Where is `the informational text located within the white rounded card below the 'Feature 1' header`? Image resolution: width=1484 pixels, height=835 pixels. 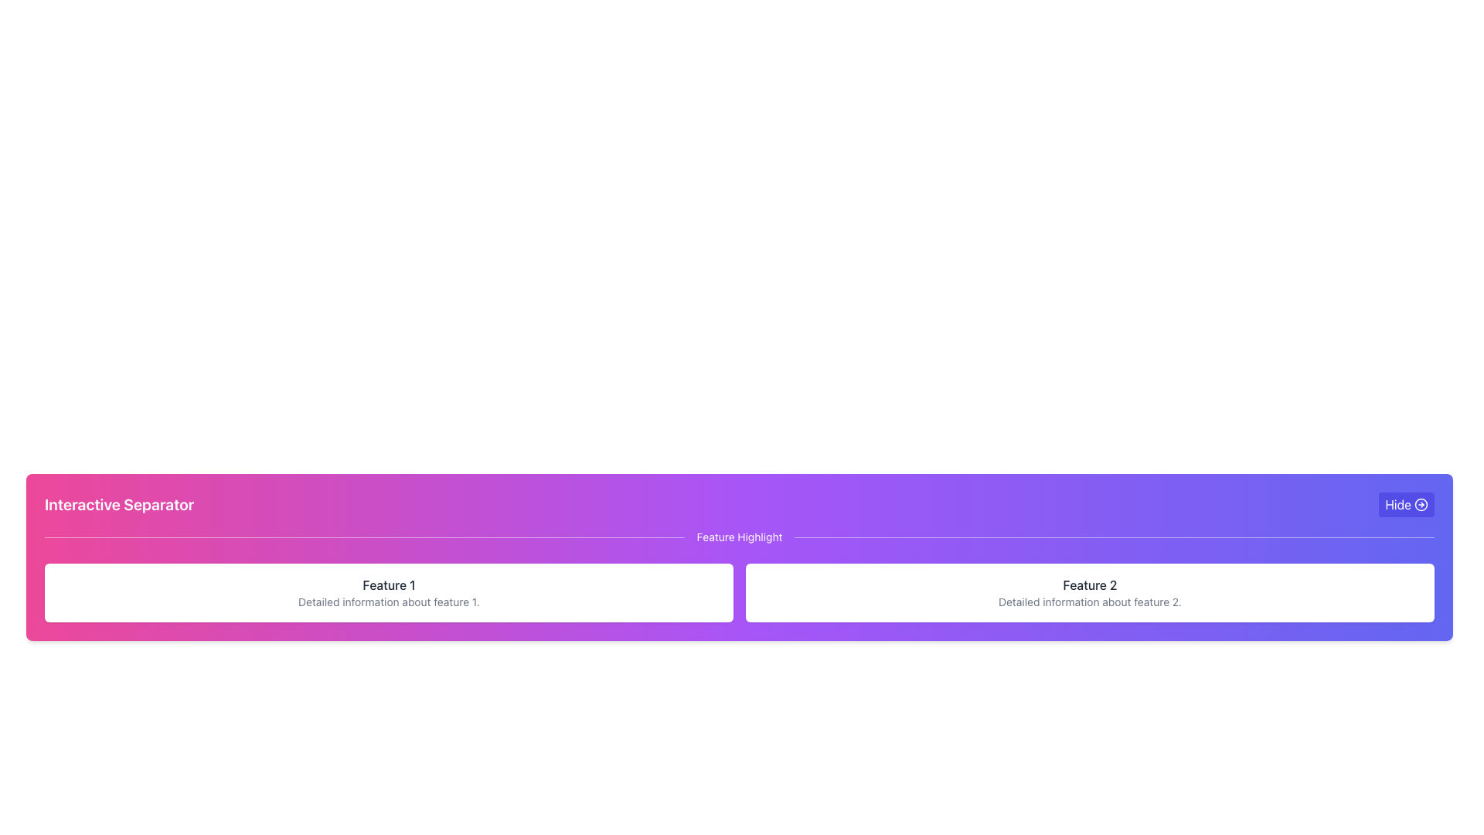
the informational text located within the white rounded card below the 'Feature 1' header is located at coordinates (389, 602).